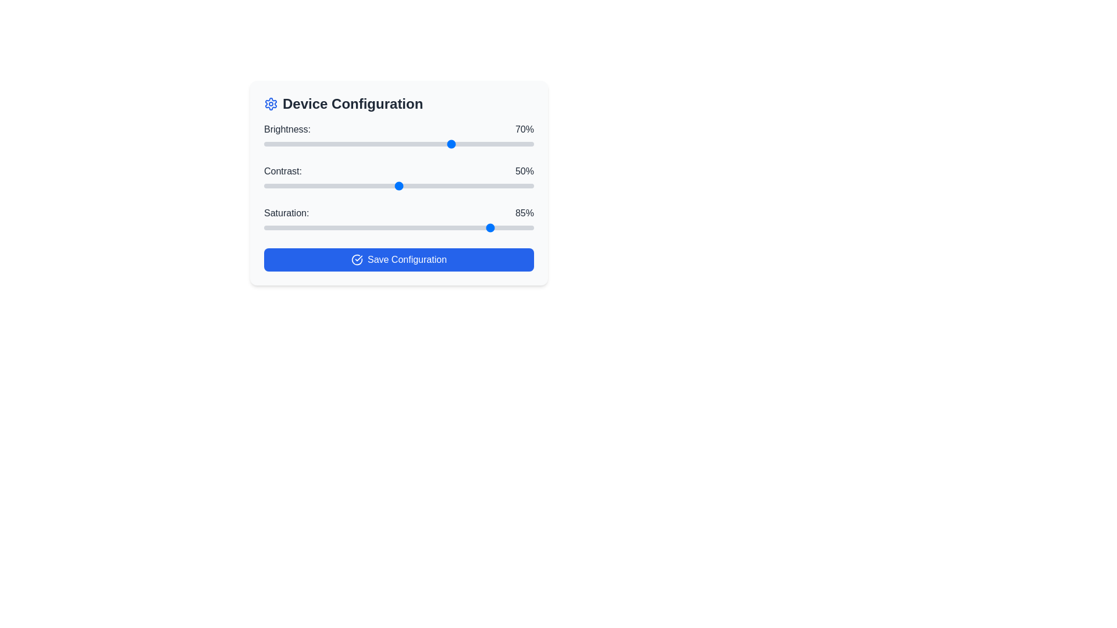 The width and height of the screenshot is (1117, 628). What do you see at coordinates (517, 228) in the screenshot?
I see `saturation` at bounding box center [517, 228].